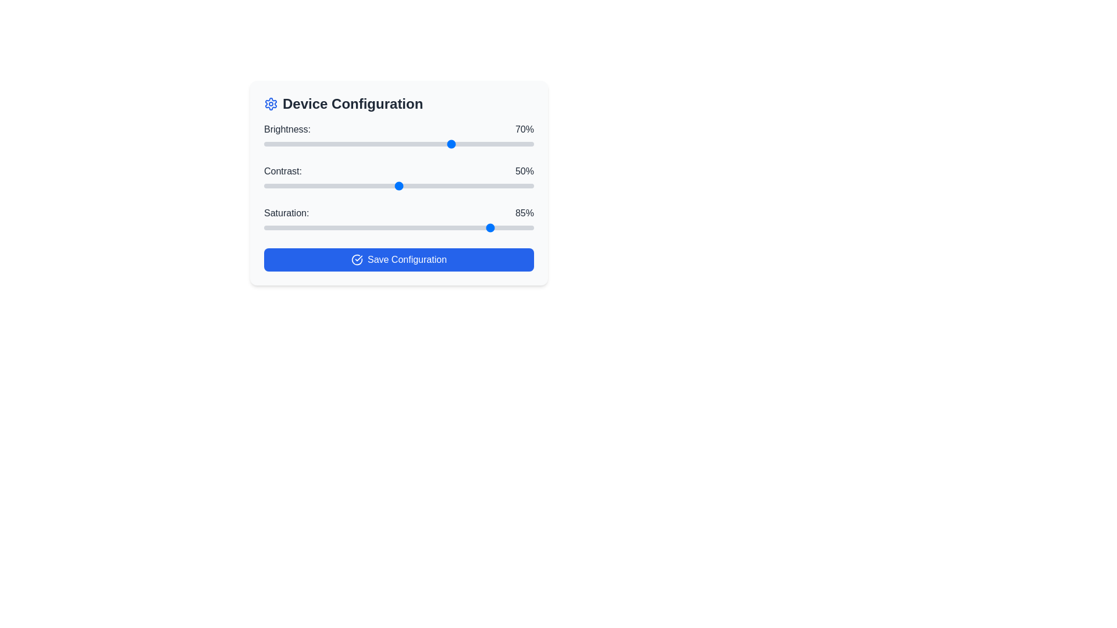 The width and height of the screenshot is (1117, 628). What do you see at coordinates (517, 228) in the screenshot?
I see `saturation` at bounding box center [517, 228].